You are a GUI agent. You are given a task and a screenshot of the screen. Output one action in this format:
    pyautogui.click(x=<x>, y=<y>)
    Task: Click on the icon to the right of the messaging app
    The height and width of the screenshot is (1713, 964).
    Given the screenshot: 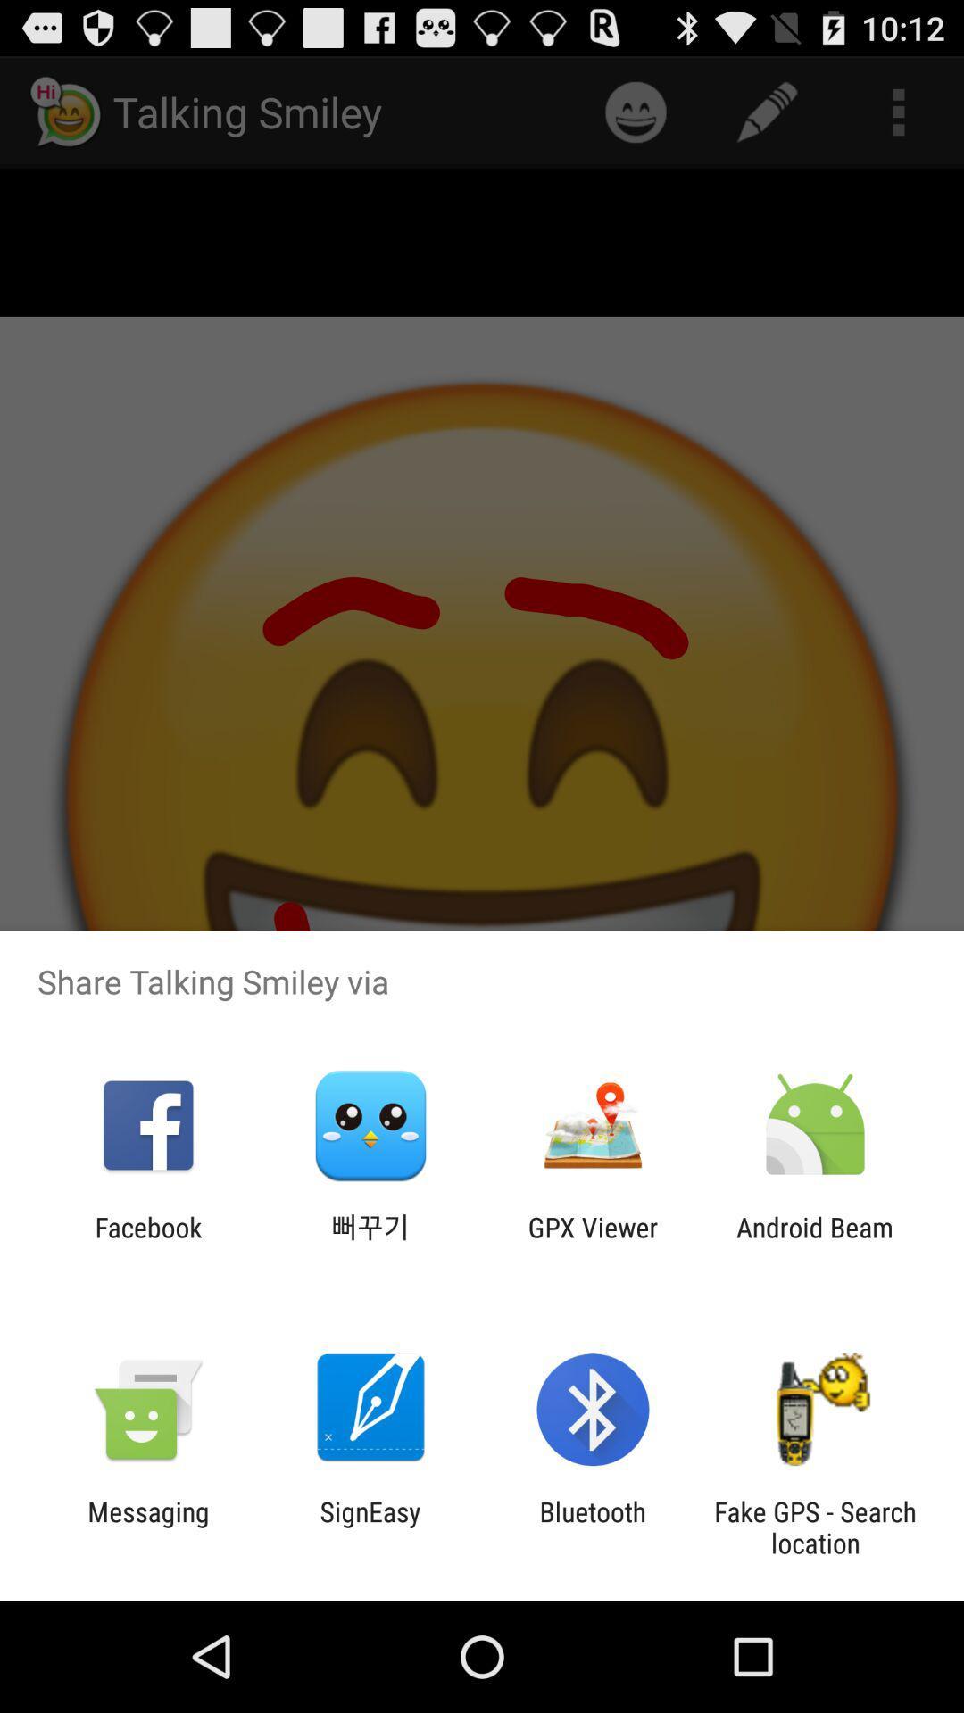 What is the action you would take?
    pyautogui.click(x=370, y=1527)
    